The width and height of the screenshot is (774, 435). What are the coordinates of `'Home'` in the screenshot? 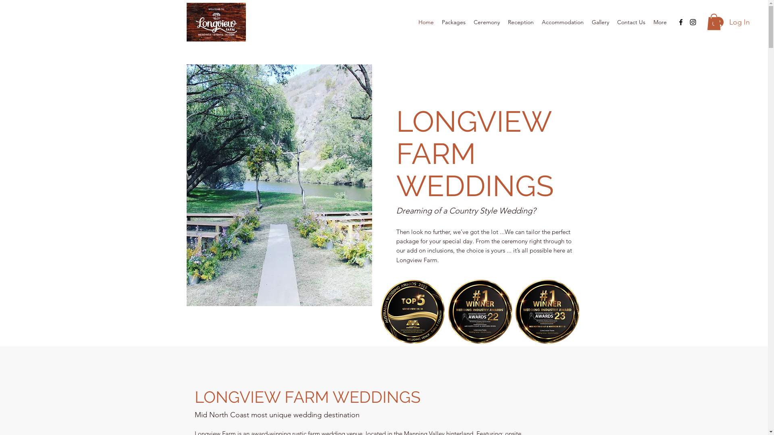 It's located at (414, 21).